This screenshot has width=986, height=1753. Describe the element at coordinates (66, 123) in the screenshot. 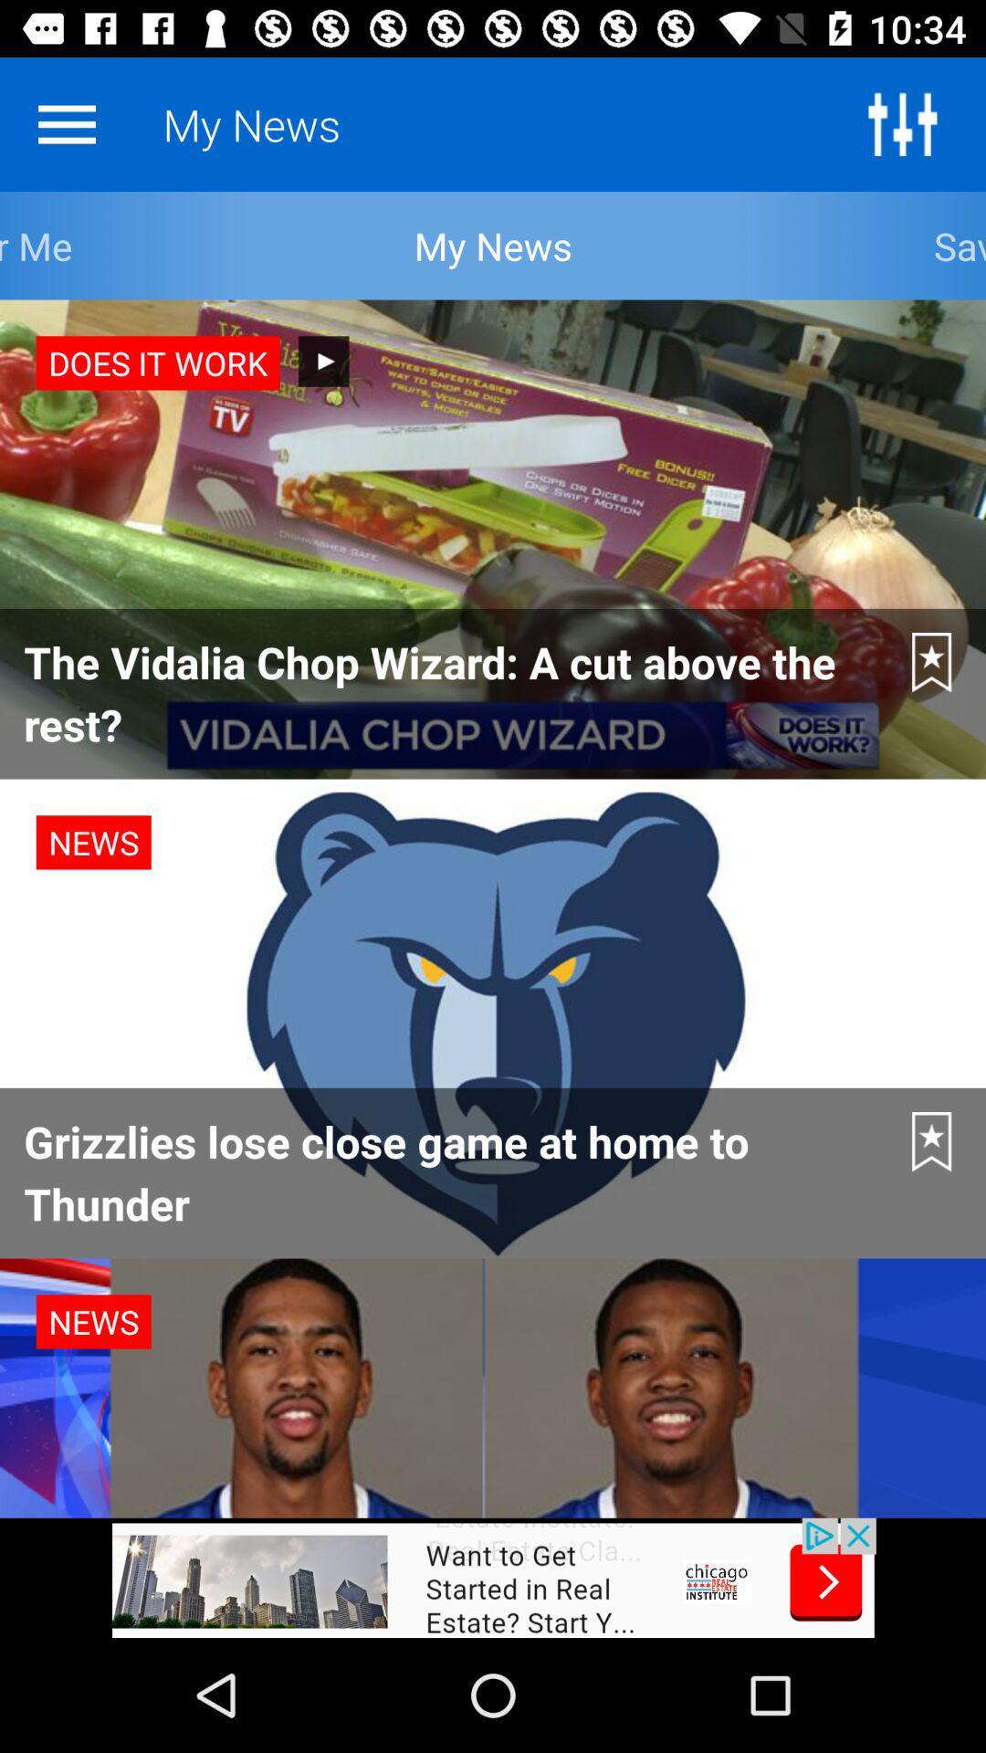

I see `the menu icon` at that location.